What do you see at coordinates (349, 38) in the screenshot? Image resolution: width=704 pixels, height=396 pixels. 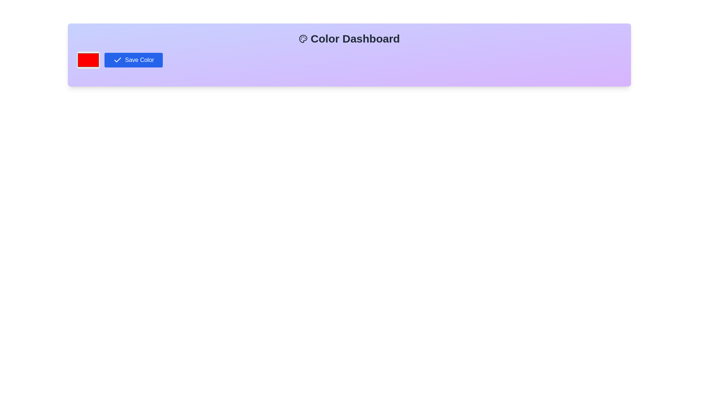 I see `the Static text heading at the top of the dashboard, which serves as the title of the dashboard` at bounding box center [349, 38].